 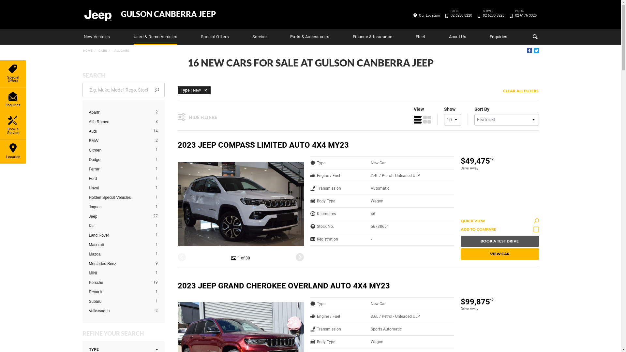 I want to click on 'Switch to Grid View', so click(x=427, y=119).